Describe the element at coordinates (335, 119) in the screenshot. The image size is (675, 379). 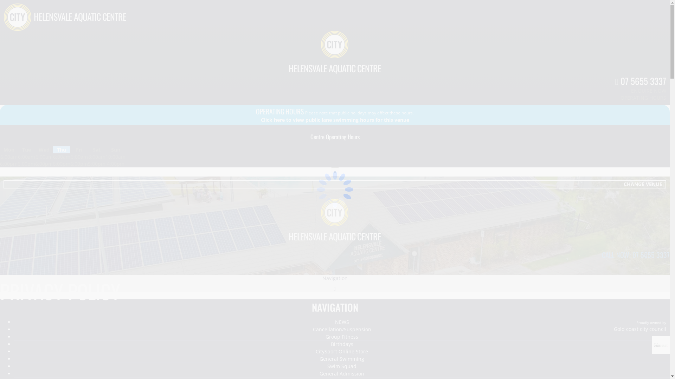
I see `'Click here to view public lane swimming hours for this venue'` at that location.